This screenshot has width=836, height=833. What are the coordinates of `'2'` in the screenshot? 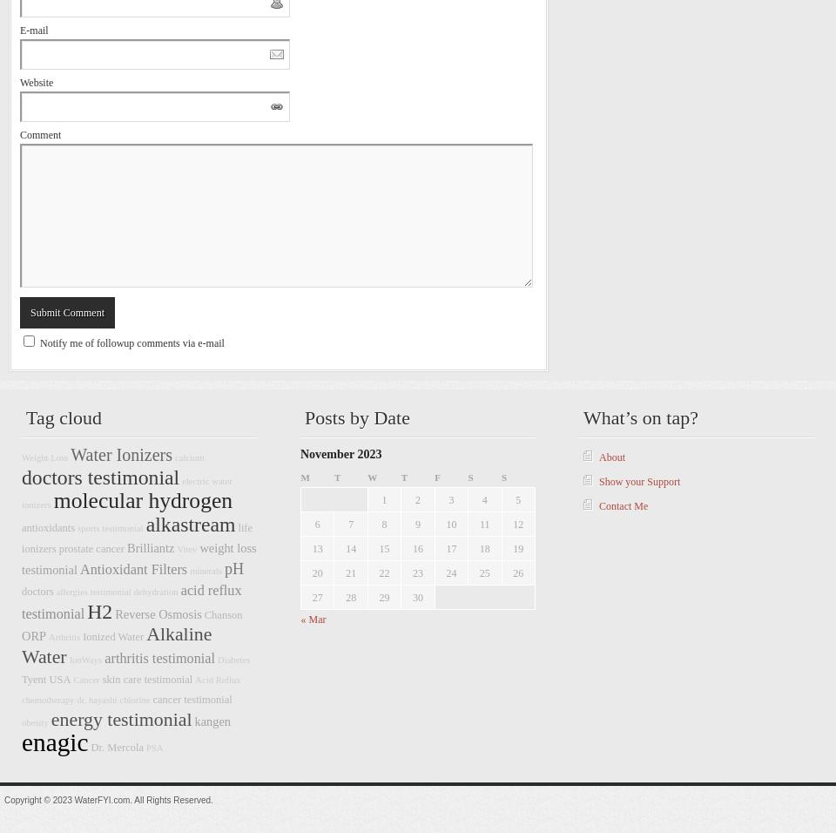 It's located at (417, 498).